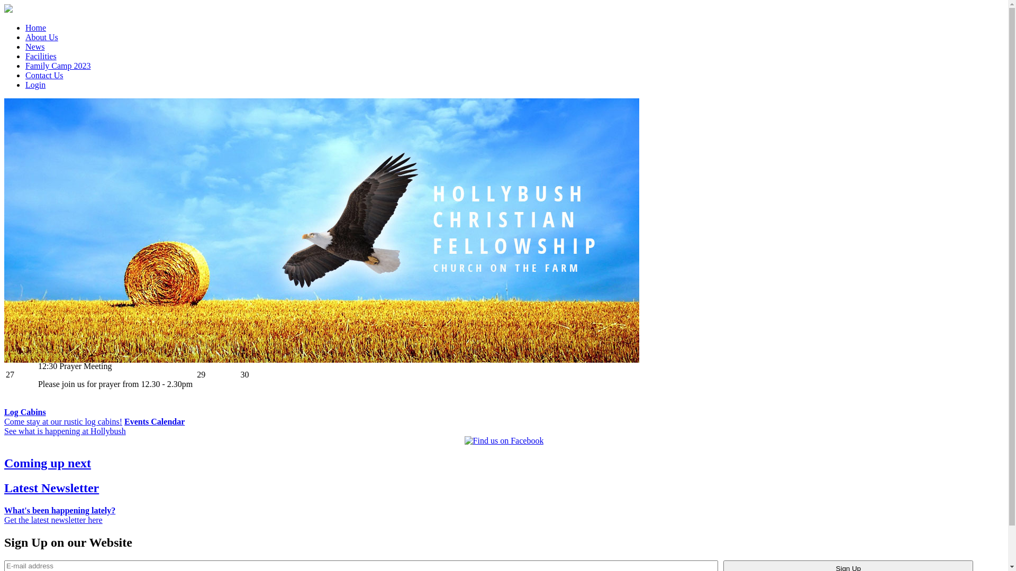 The width and height of the screenshot is (1016, 571). I want to click on 'Login', so click(35, 84).